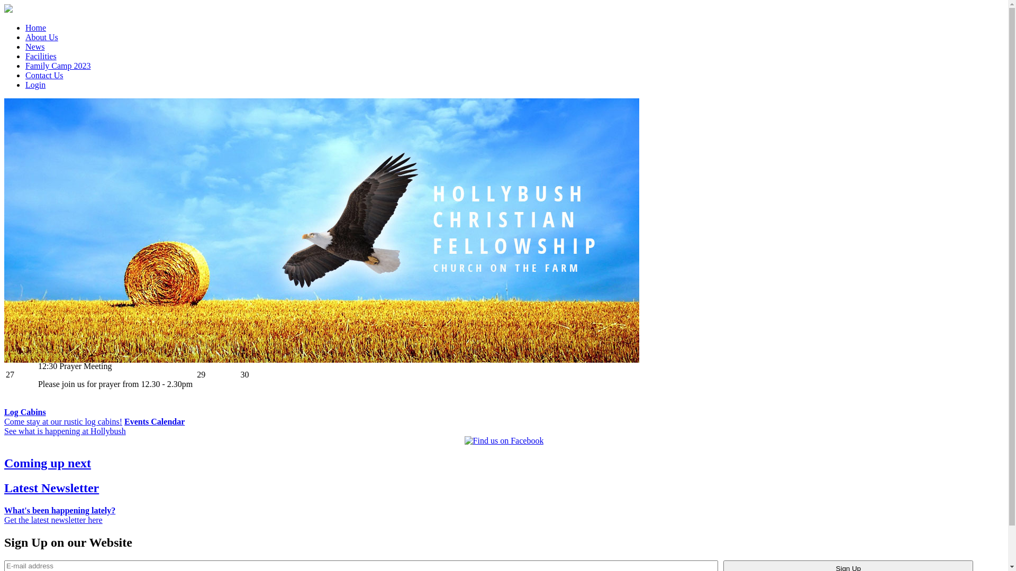 The width and height of the screenshot is (1016, 571). I want to click on 'Login', so click(35, 84).